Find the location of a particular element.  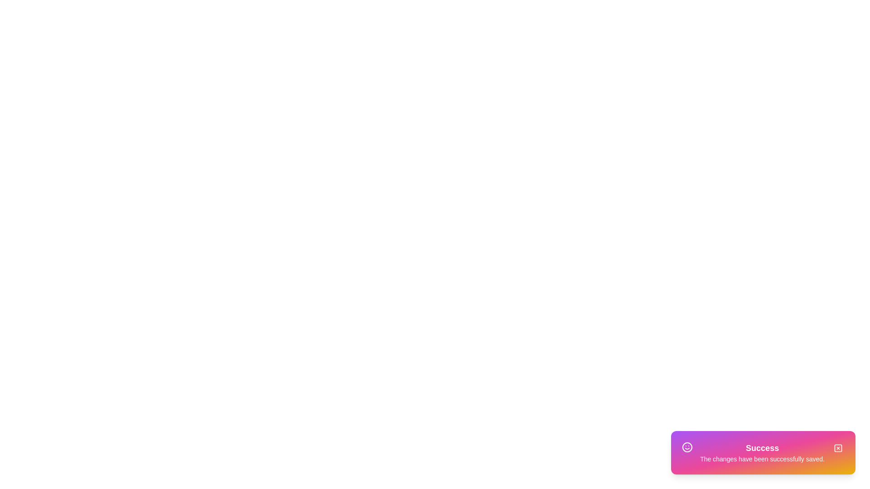

close button to dismiss the snackbar is located at coordinates (837, 448).